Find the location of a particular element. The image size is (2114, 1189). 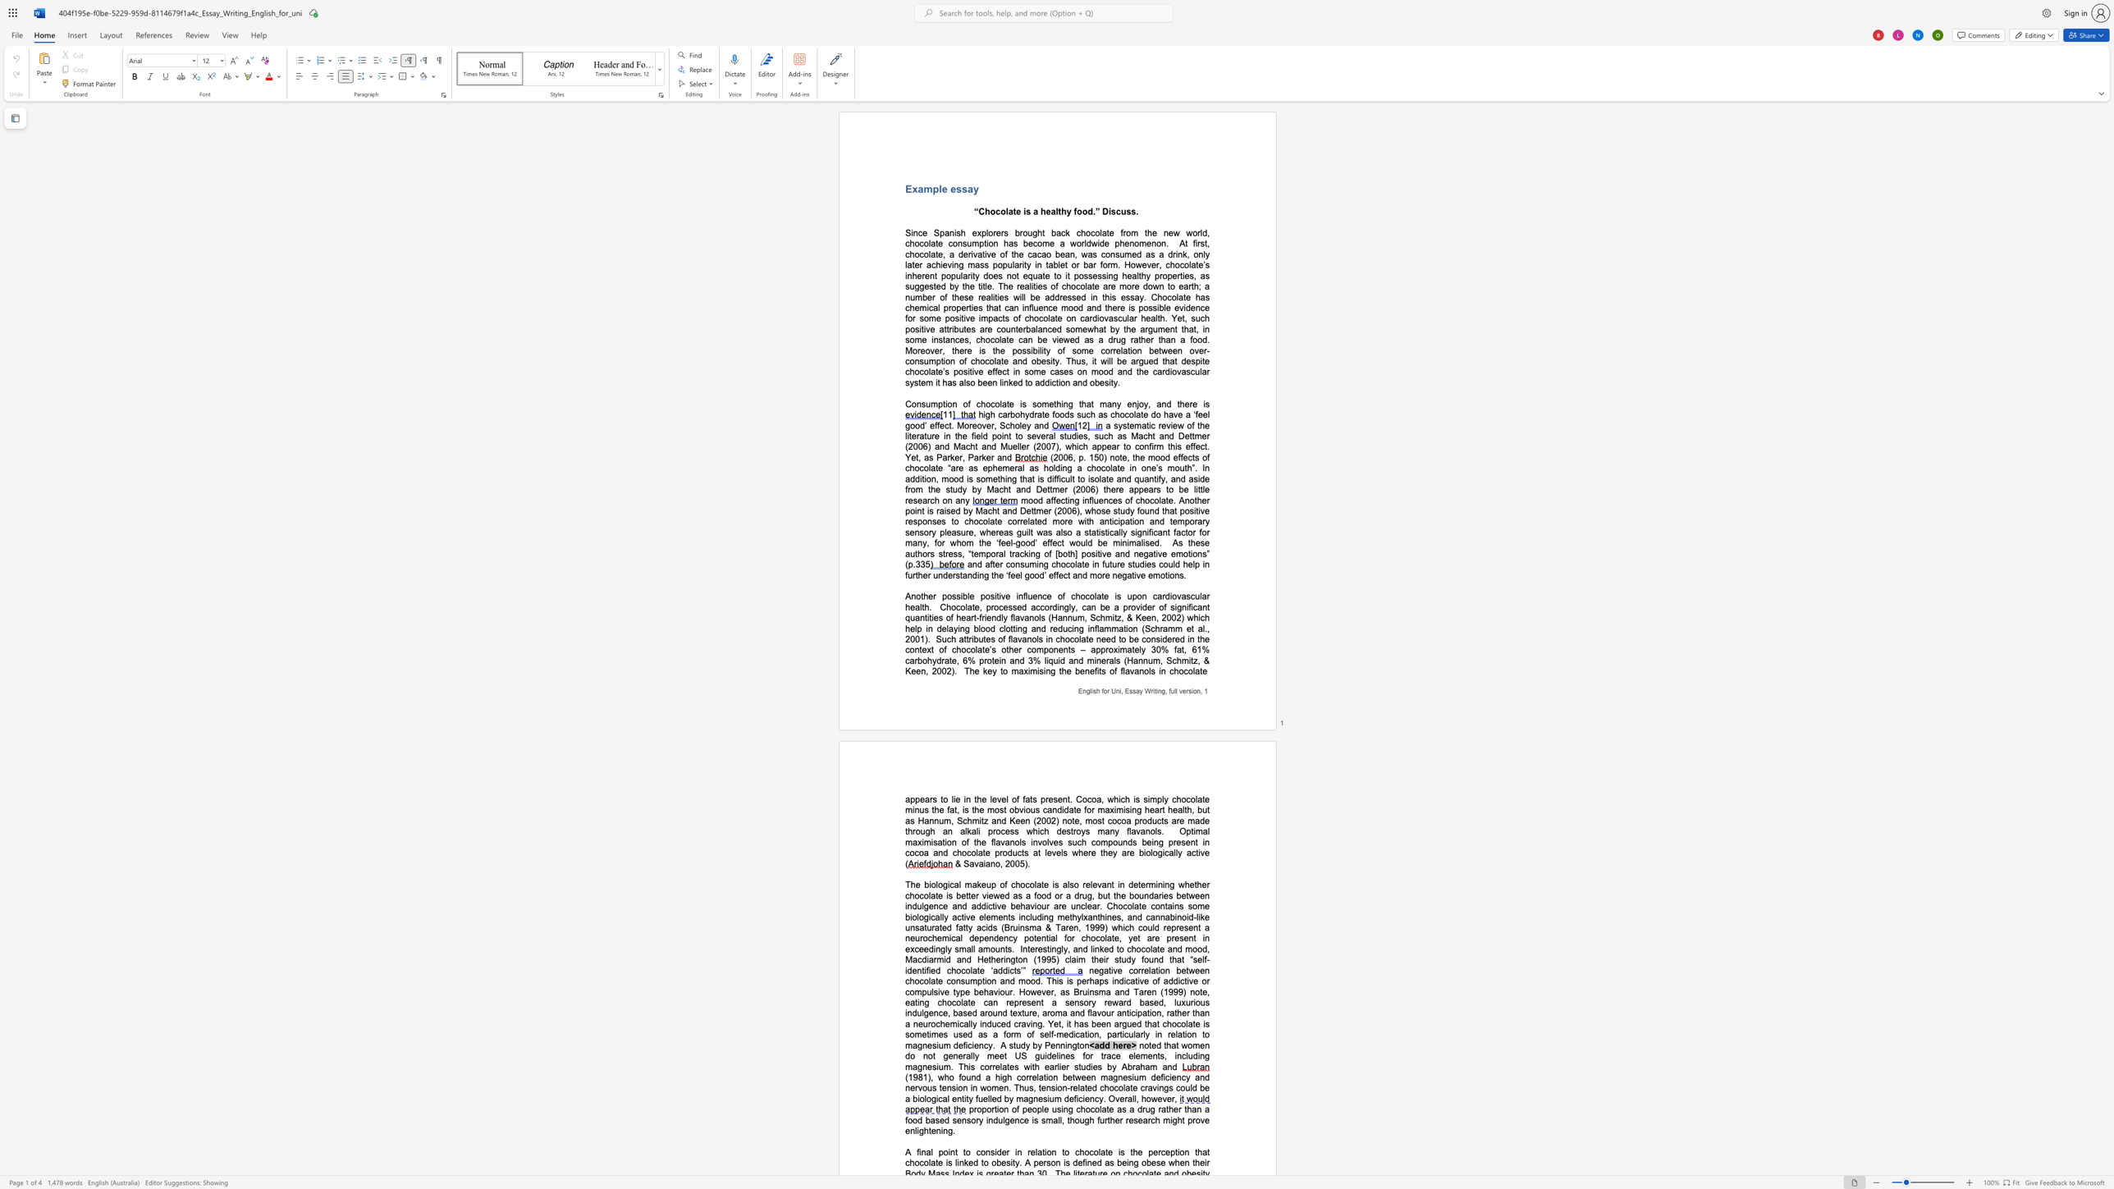

the 1th character "i" in the text is located at coordinates (1050, 949).